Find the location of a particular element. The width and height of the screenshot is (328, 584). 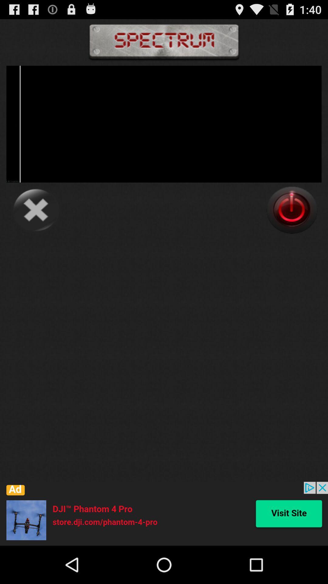

the power icon is located at coordinates (292, 224).